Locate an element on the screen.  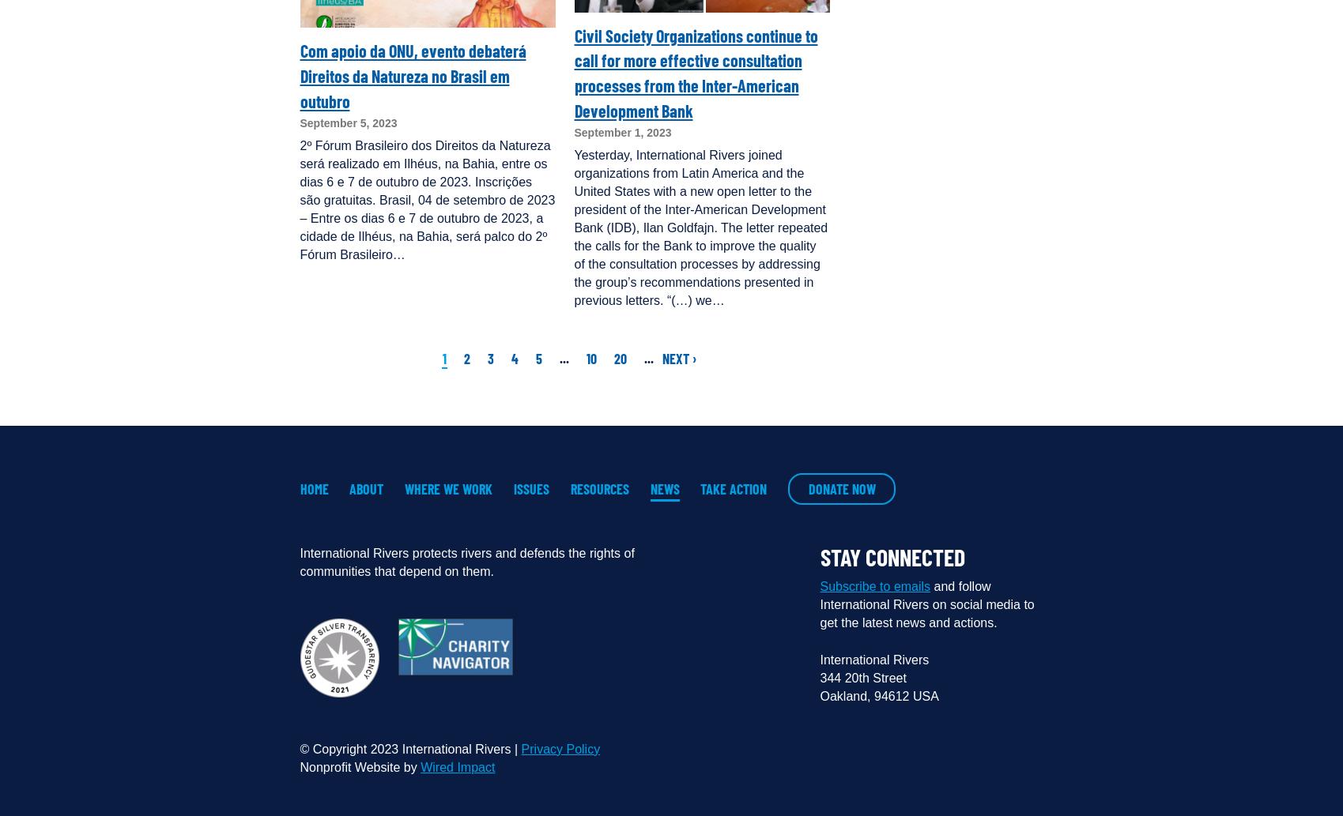
'Home' is located at coordinates (314, 487).